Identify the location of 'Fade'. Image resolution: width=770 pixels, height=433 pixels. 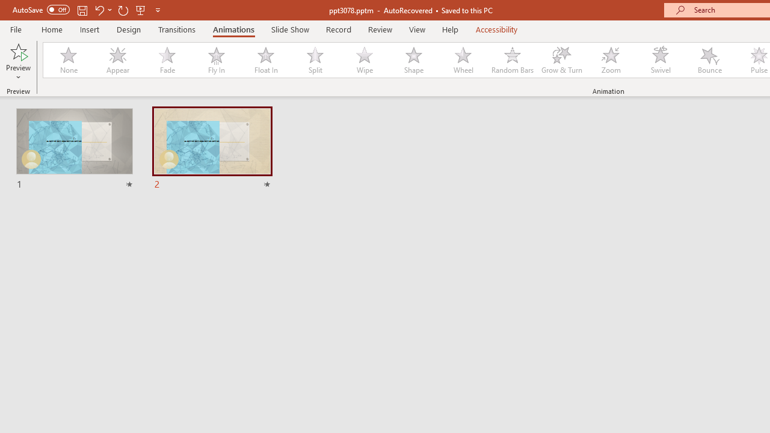
(166, 60).